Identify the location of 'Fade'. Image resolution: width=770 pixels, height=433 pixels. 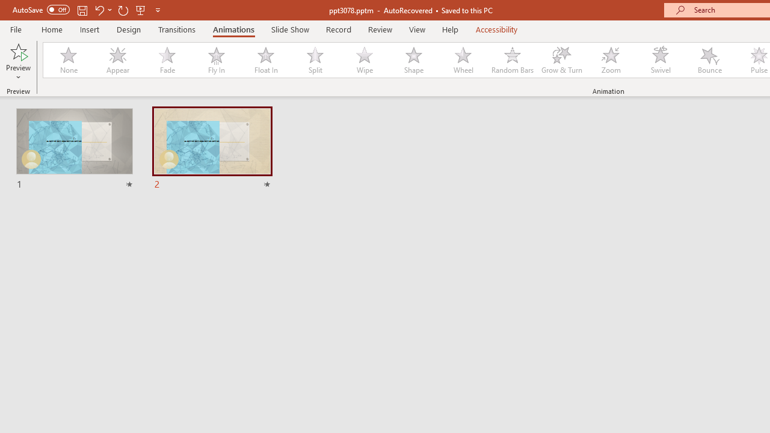
(166, 60).